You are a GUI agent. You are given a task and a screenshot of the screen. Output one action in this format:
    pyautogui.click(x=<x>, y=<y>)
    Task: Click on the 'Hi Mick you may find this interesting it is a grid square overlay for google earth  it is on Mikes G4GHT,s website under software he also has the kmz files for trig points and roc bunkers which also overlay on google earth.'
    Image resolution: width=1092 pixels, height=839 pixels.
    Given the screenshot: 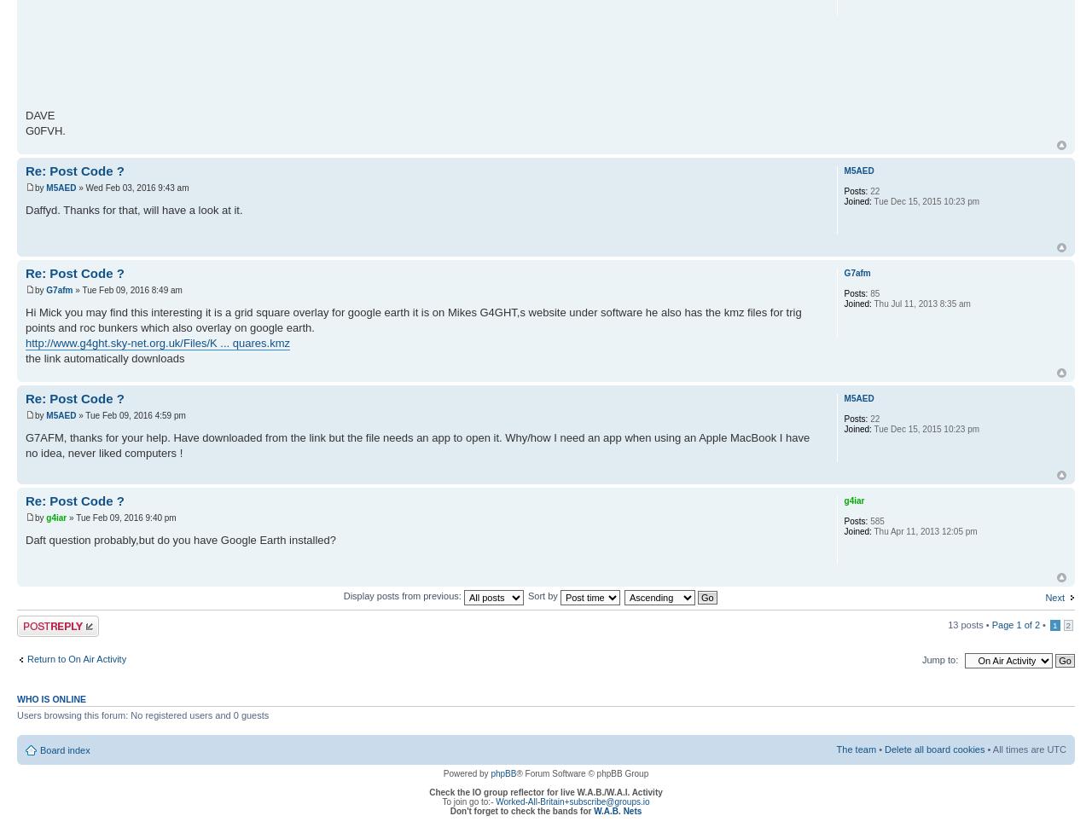 What is the action you would take?
    pyautogui.click(x=413, y=319)
    